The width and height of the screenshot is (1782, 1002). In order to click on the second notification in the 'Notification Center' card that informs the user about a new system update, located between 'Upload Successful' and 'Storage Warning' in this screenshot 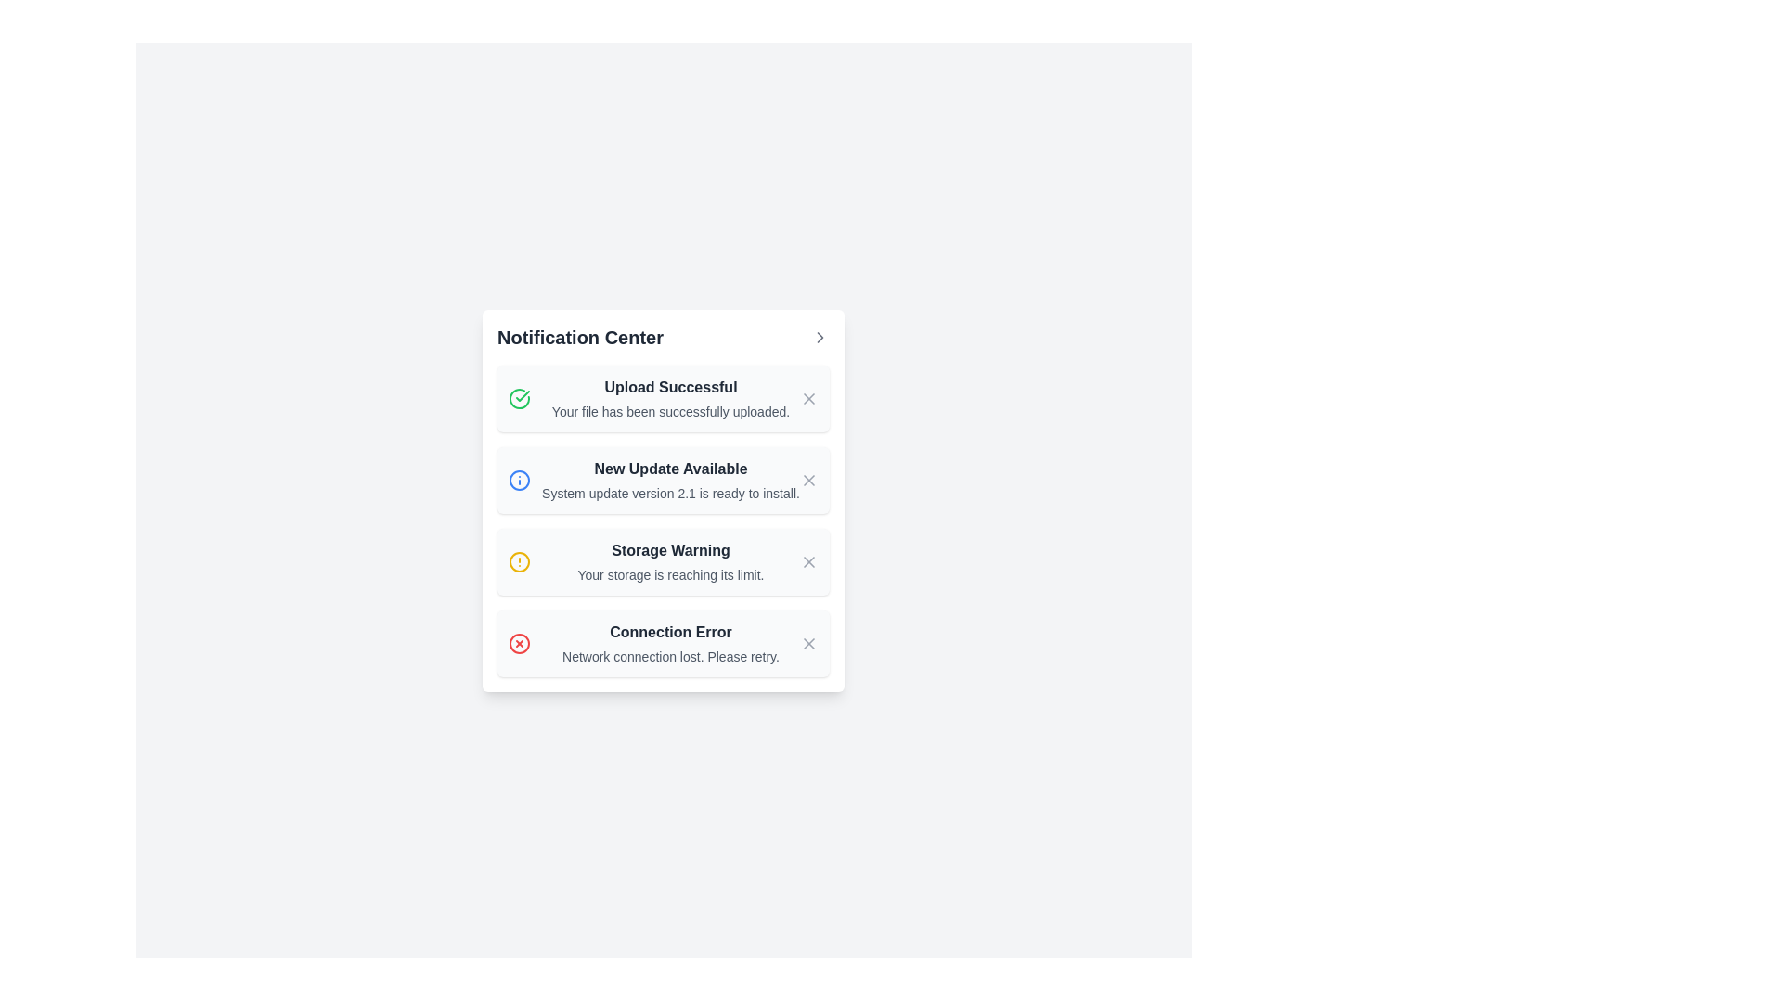, I will do `click(664, 520)`.